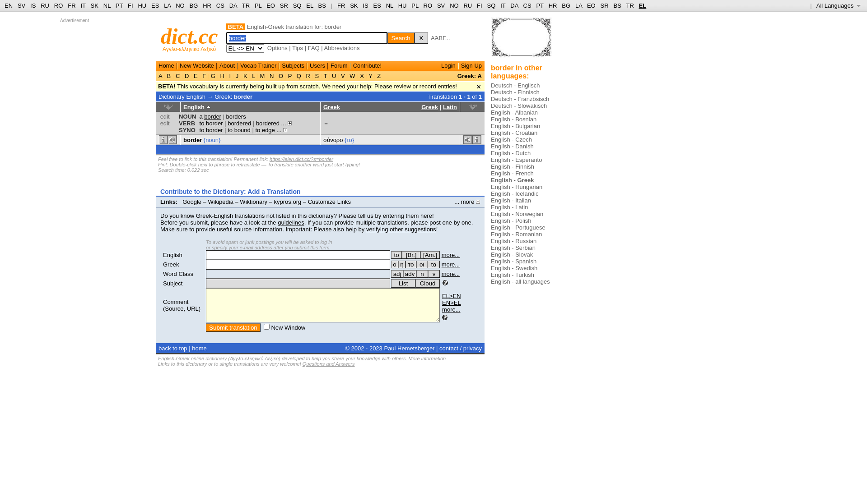  Describe the element at coordinates (394, 86) in the screenshot. I see `'review'` at that location.